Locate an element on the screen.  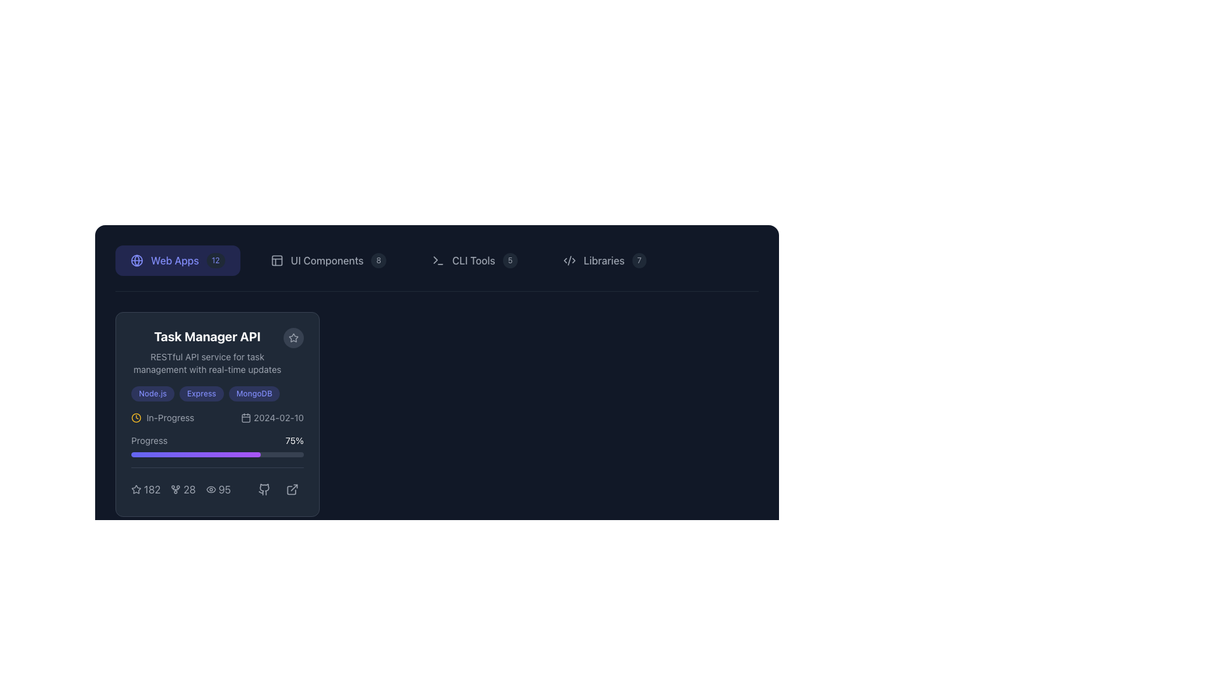
the calendar icon located to the left of the text '2024-02-10' is located at coordinates (246, 418).